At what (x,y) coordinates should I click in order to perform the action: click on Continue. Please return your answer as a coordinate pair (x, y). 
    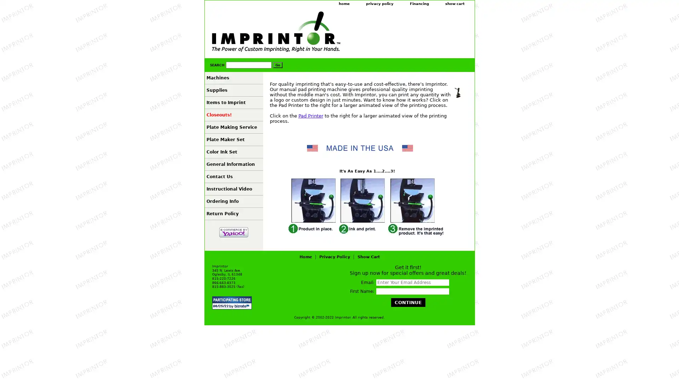
    Looking at the image, I should click on (408, 302).